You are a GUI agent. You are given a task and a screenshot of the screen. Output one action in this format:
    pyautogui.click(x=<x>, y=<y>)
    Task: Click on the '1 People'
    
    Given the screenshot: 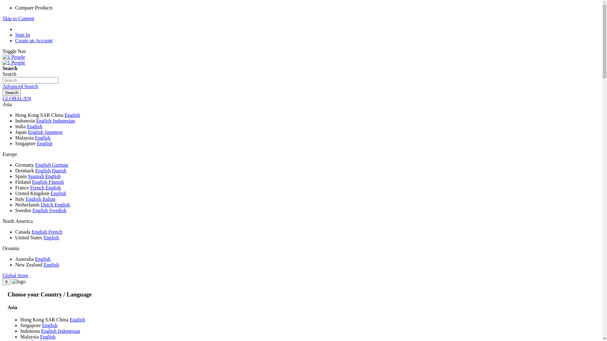 What is the action you would take?
    pyautogui.click(x=14, y=63)
    